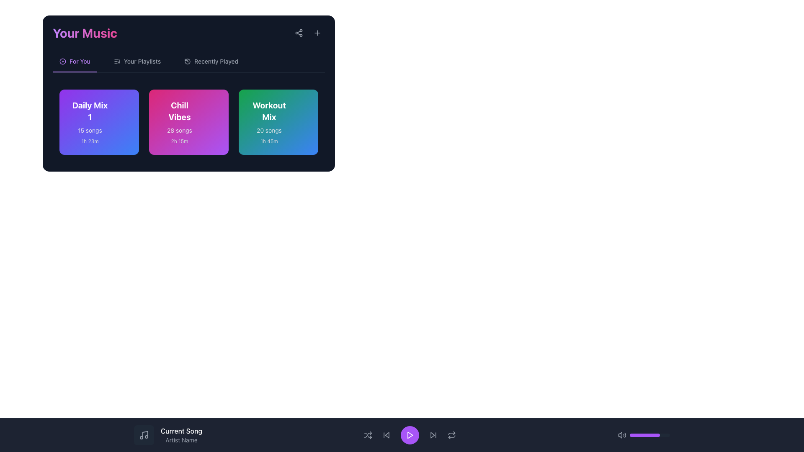  What do you see at coordinates (179, 141) in the screenshot?
I see `text '2h 15m' displayed in a small light gray font within the pink gradient square card under the title 'Chill Vibes'` at bounding box center [179, 141].